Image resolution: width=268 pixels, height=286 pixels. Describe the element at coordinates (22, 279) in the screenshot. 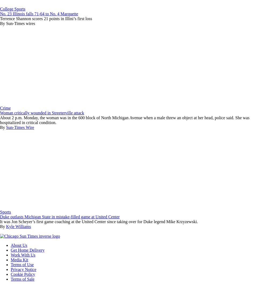

I see `'Terms of Sale'` at that location.